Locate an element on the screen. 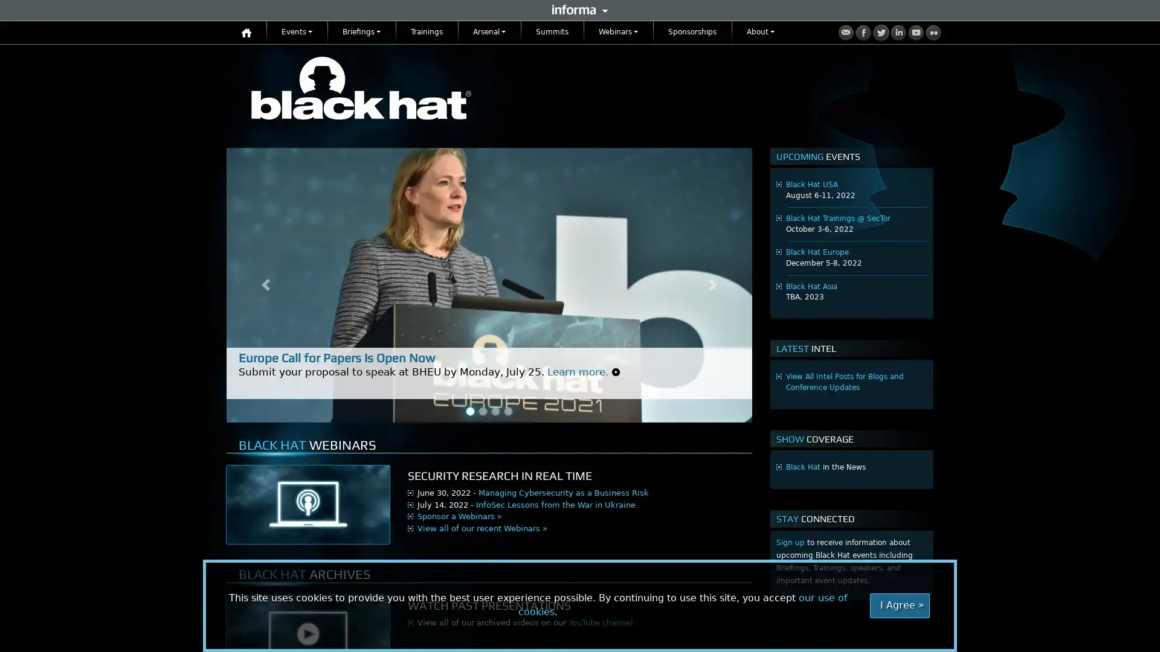 The image size is (1160, 652). Informa is located at coordinates (580, 9).